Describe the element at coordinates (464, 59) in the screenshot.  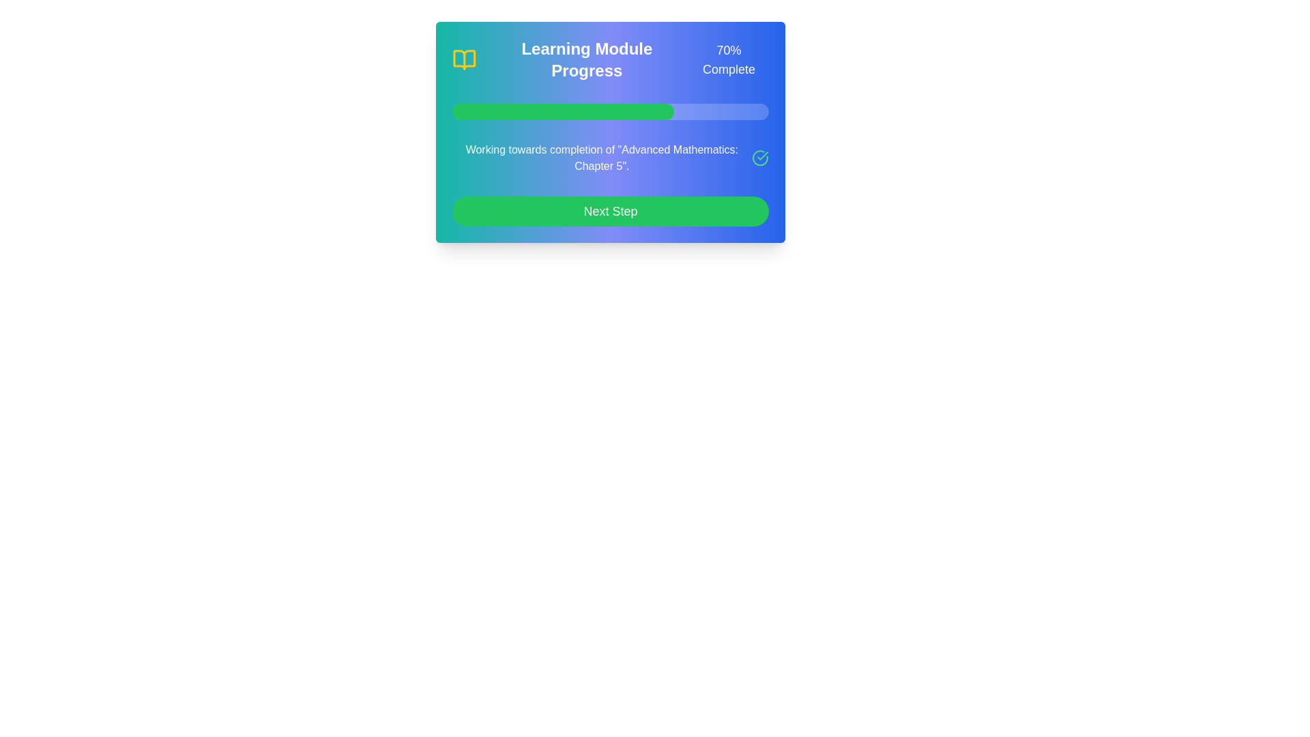
I see `the small yellow open book icon located in the 'Learning Module Progress' section, positioned to the left of the title text` at that location.